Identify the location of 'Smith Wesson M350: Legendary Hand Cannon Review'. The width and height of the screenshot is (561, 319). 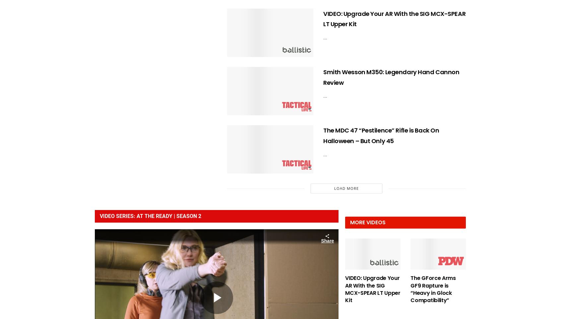
(323, 77).